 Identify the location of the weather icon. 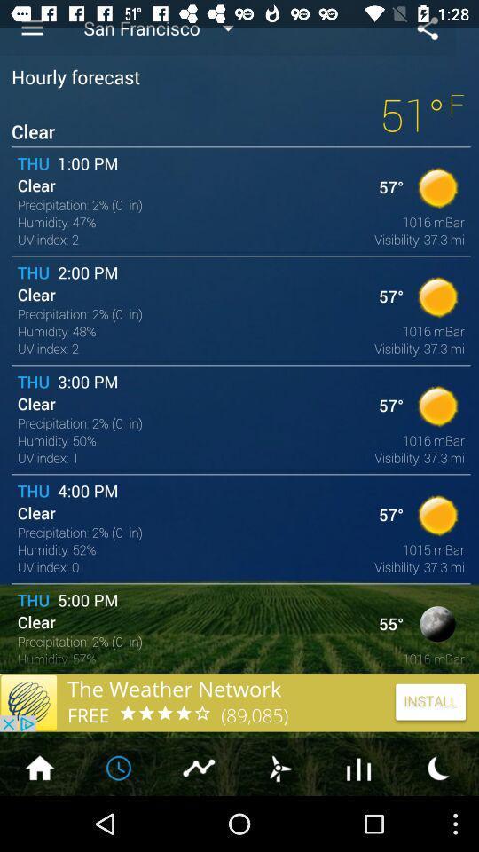
(279, 821).